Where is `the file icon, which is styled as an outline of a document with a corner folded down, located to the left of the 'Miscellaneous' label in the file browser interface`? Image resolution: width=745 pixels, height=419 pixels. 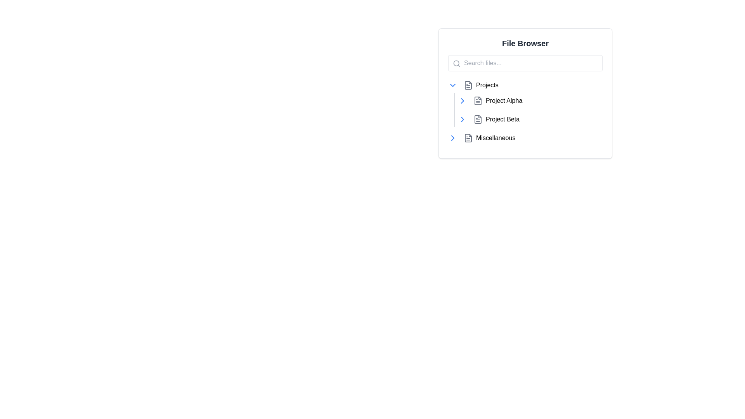 the file icon, which is styled as an outline of a document with a corner folded down, located to the left of the 'Miscellaneous' label in the file browser interface is located at coordinates (468, 137).